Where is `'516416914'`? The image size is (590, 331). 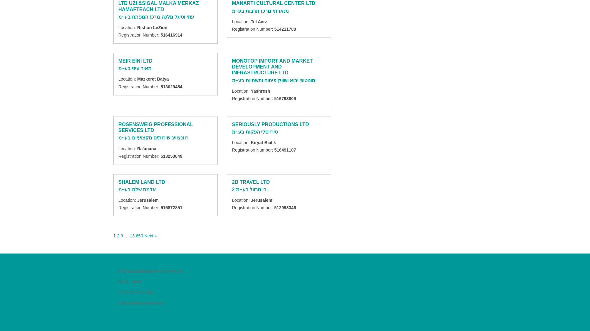
'516416914' is located at coordinates (171, 34).